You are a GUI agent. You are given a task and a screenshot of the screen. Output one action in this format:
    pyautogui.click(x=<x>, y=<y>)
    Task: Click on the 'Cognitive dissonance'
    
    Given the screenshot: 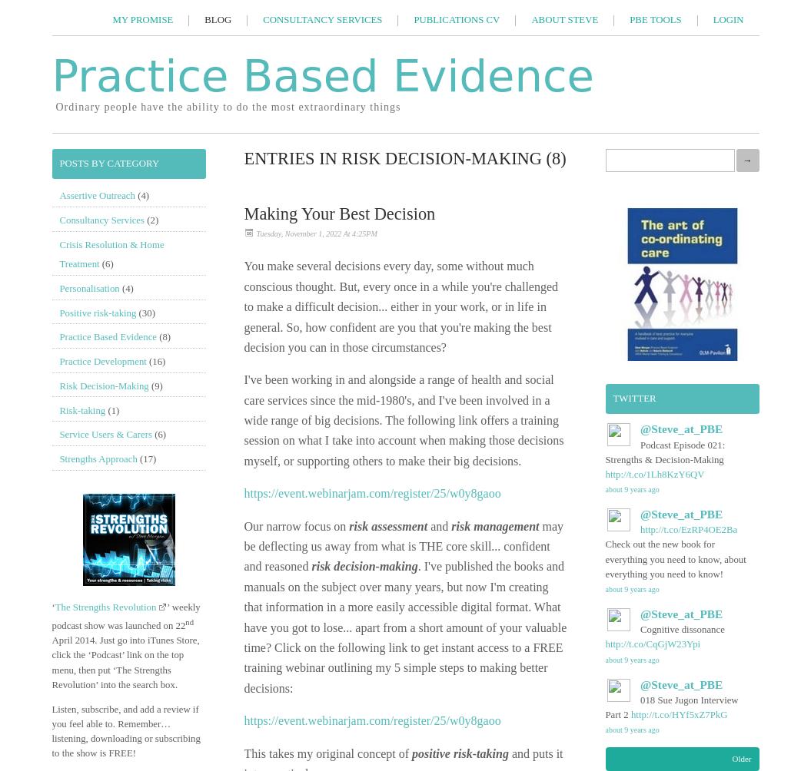 What is the action you would take?
    pyautogui.click(x=681, y=629)
    